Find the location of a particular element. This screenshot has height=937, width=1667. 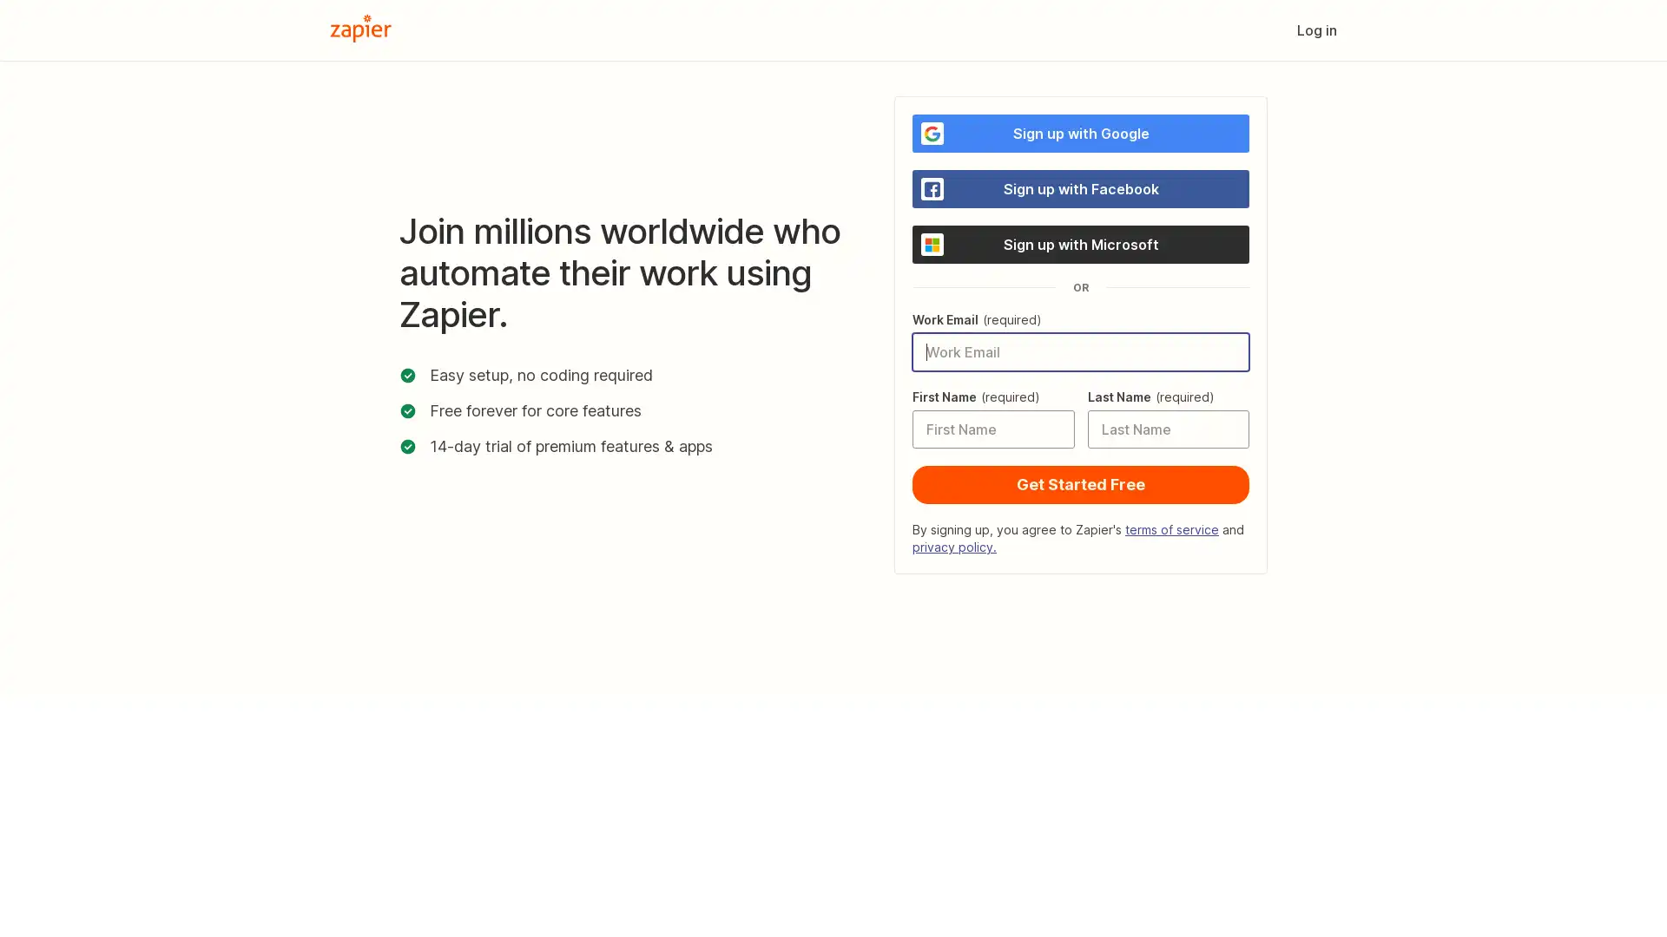

Google Logo Sign up with Google is located at coordinates (1079, 133).